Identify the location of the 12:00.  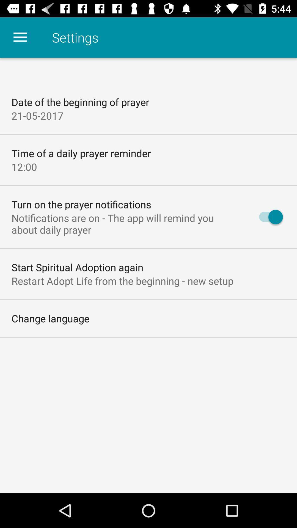
(24, 166).